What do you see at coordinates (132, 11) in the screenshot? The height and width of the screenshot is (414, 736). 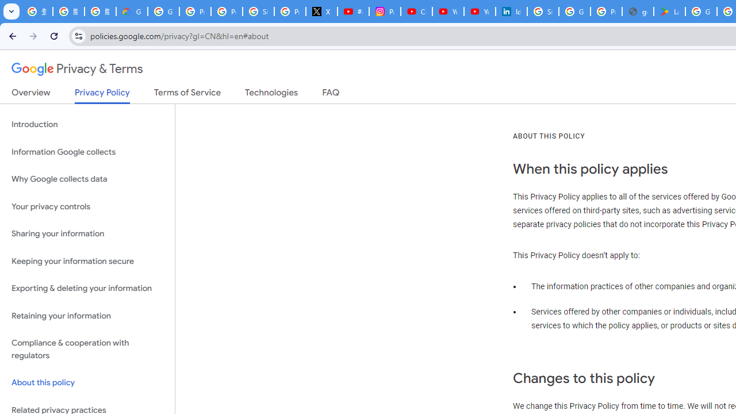 I see `'Google Cloud Privacy Notice'` at bounding box center [132, 11].